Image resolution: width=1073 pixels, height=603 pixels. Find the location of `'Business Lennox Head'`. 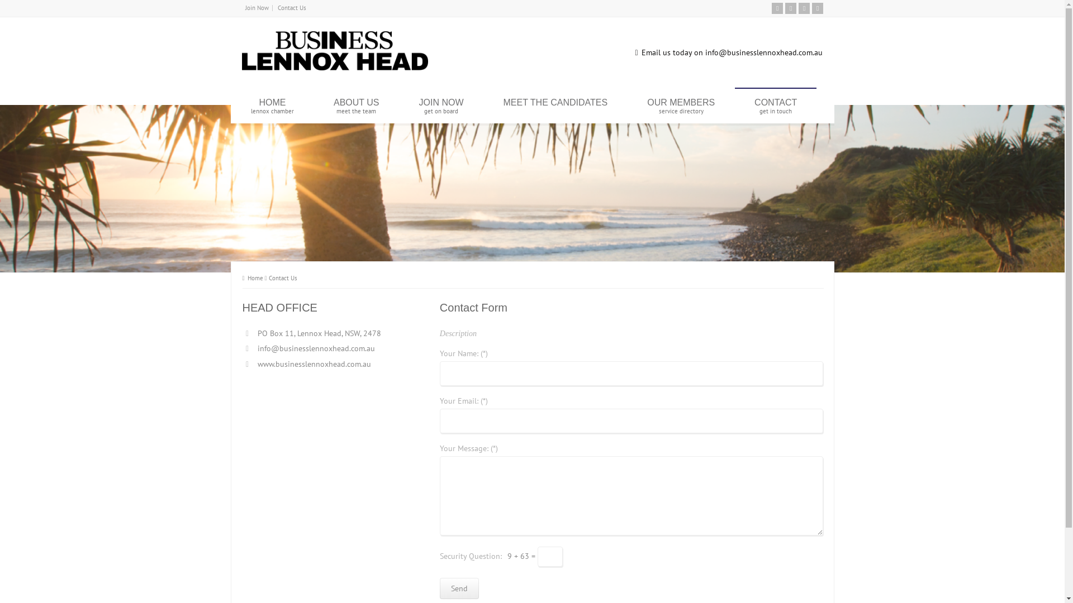

'Business Lennox Head' is located at coordinates (334, 67).